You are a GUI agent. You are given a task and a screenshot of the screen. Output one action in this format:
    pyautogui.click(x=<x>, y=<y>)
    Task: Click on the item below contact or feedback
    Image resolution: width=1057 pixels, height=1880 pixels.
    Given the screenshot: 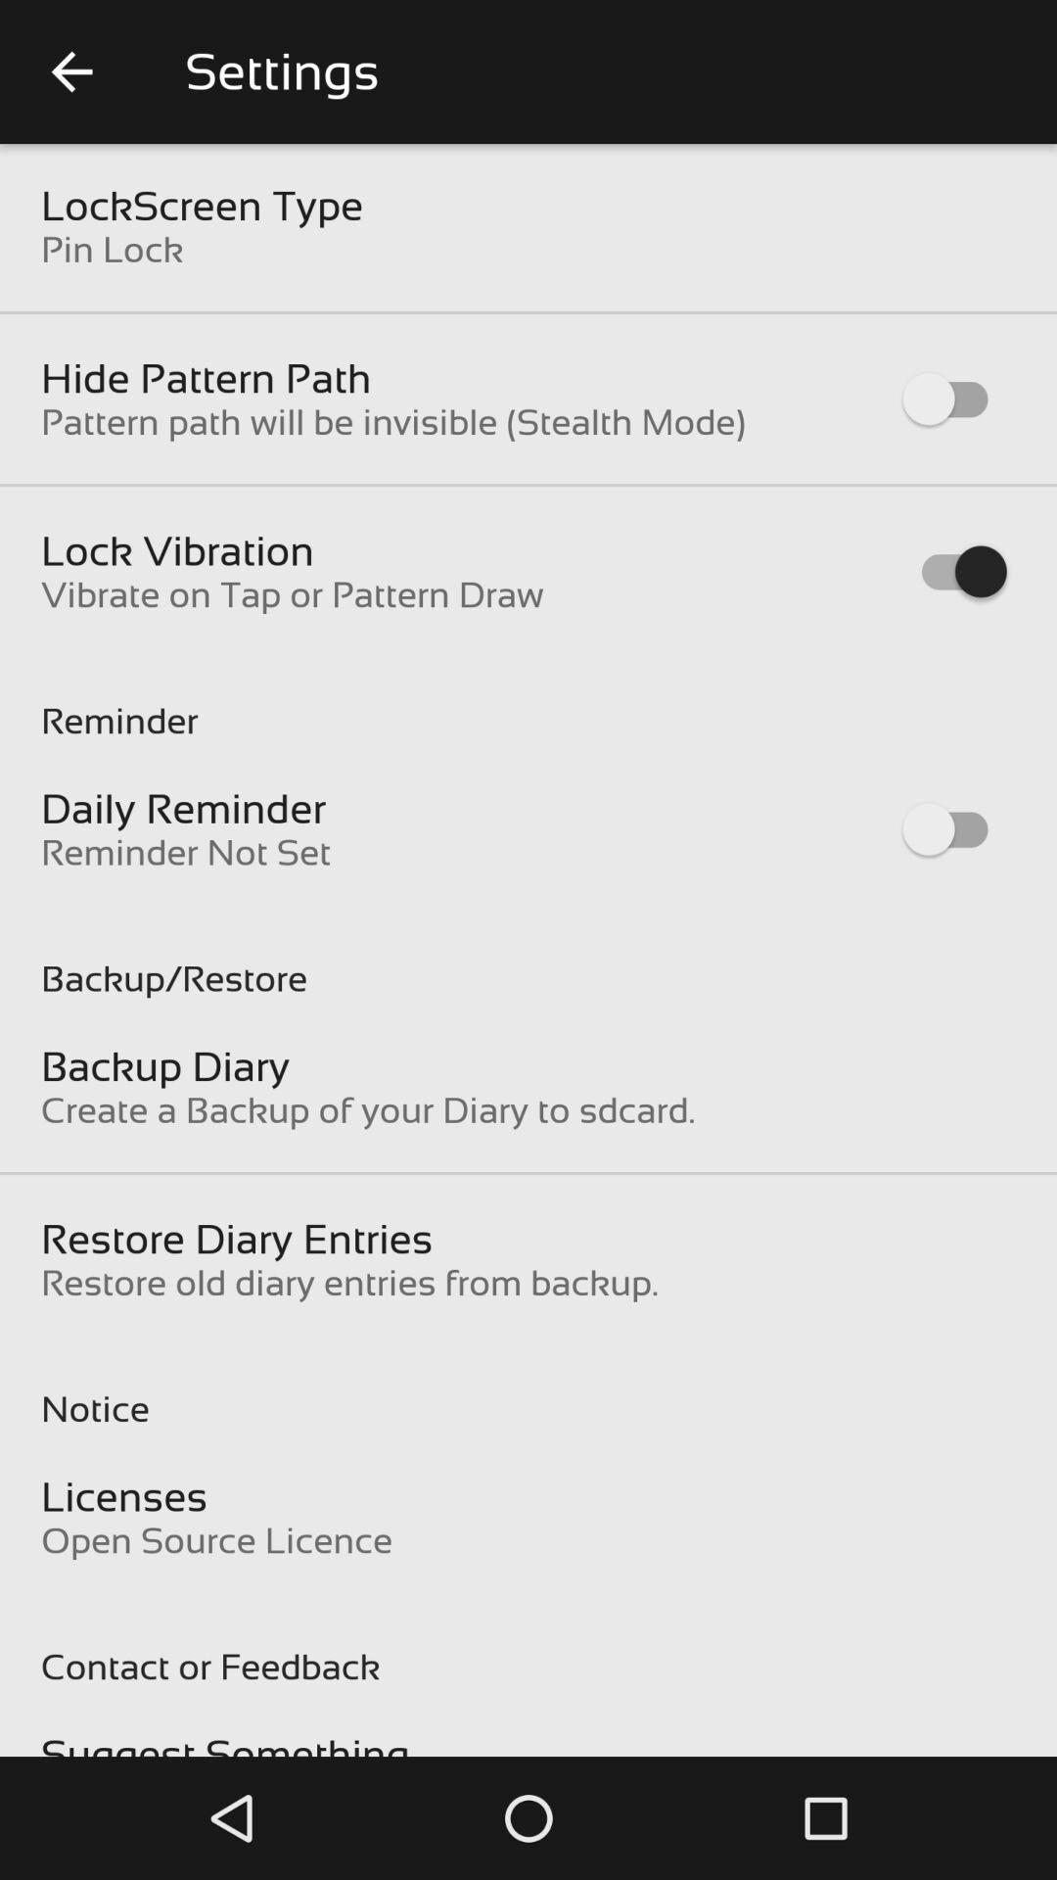 What is the action you would take?
    pyautogui.click(x=224, y=1744)
    